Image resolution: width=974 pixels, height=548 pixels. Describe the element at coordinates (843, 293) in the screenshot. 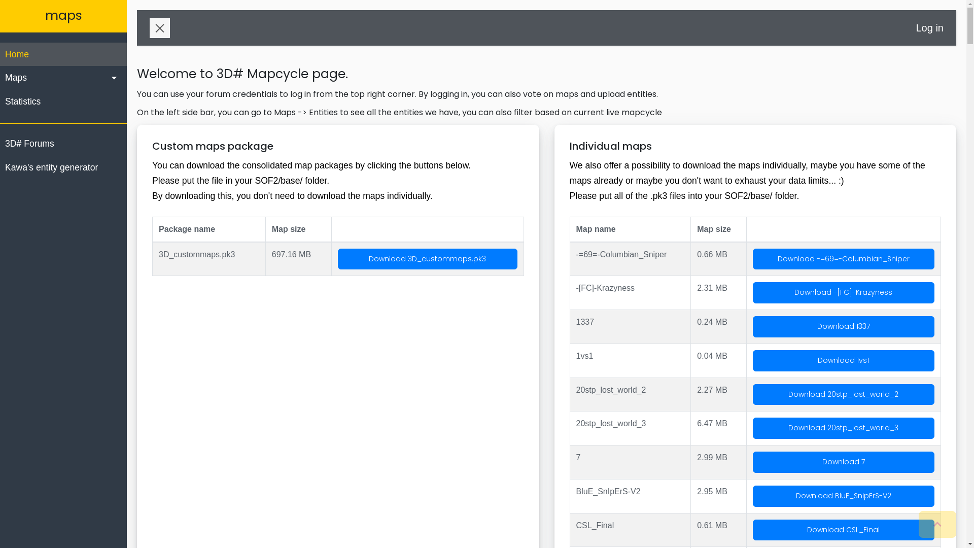

I see `'Download -[FC]-Krazyness'` at that location.